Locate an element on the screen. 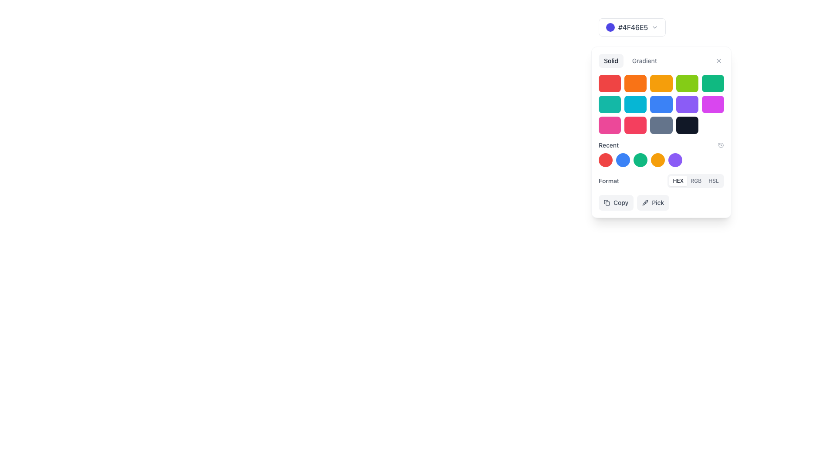 The width and height of the screenshot is (836, 470). the rectangular purple button with rounded corners located in the second row and fourth column of the grid for accessibility navigation is located at coordinates (687, 104).